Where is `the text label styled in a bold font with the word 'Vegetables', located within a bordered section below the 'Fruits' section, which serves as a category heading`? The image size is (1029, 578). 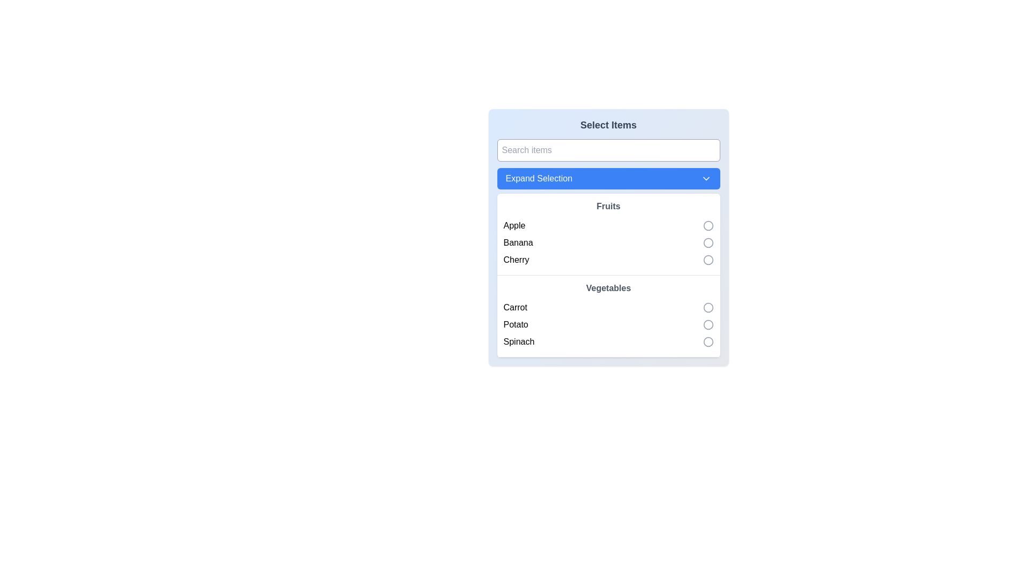
the text label styled in a bold font with the word 'Vegetables', located within a bordered section below the 'Fruits' section, which serves as a category heading is located at coordinates (608, 288).